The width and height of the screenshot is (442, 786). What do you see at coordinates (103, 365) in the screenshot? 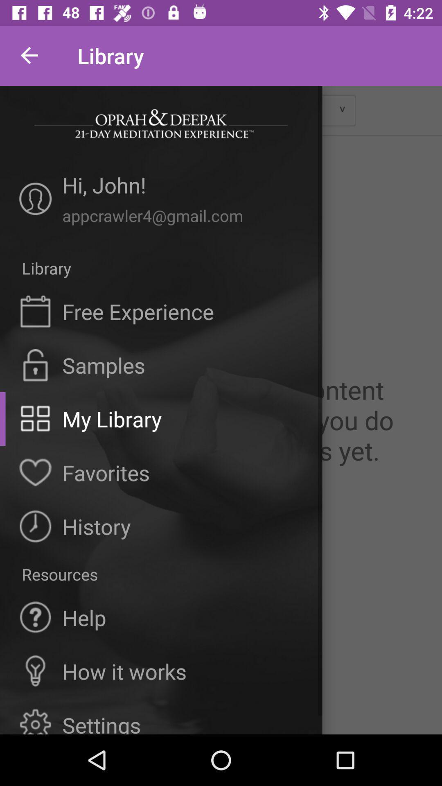
I see `item above the my library icon` at bounding box center [103, 365].